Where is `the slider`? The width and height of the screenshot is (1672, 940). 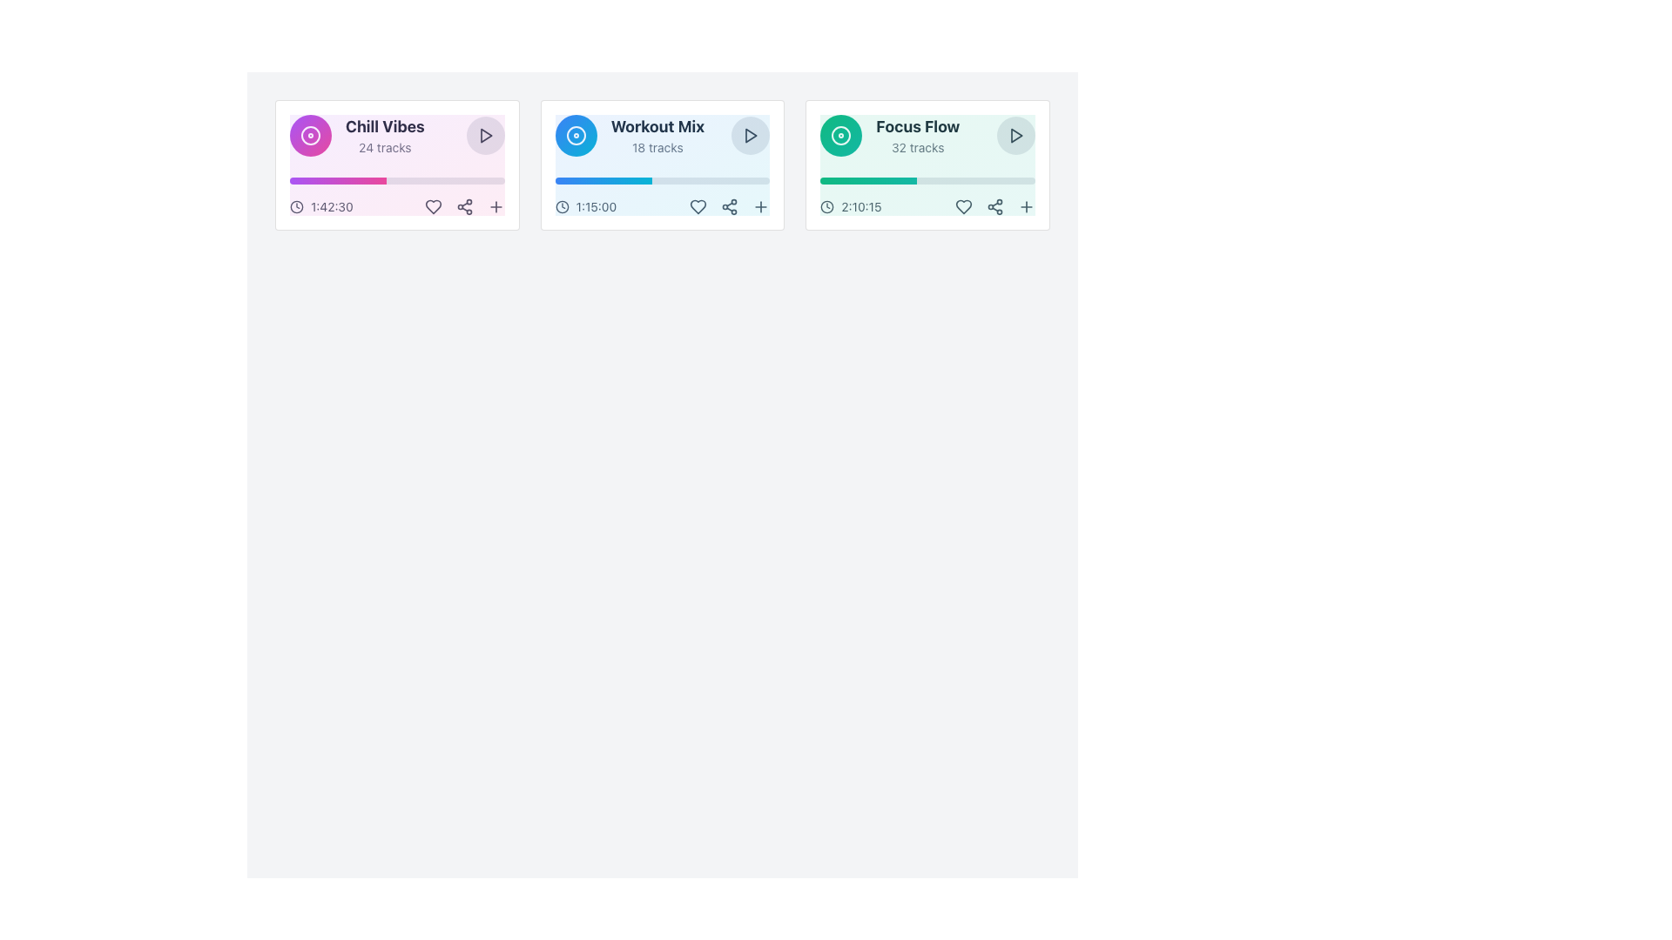 the slider is located at coordinates (618, 181).